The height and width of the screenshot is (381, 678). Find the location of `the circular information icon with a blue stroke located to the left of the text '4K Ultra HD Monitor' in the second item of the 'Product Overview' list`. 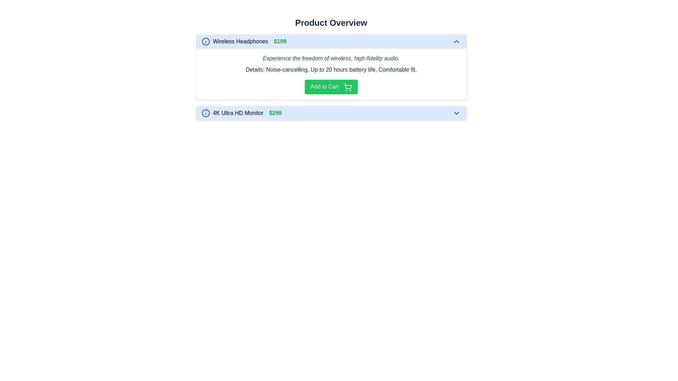

the circular information icon with a blue stroke located to the left of the text '4K Ultra HD Monitor' in the second item of the 'Product Overview' list is located at coordinates (205, 113).